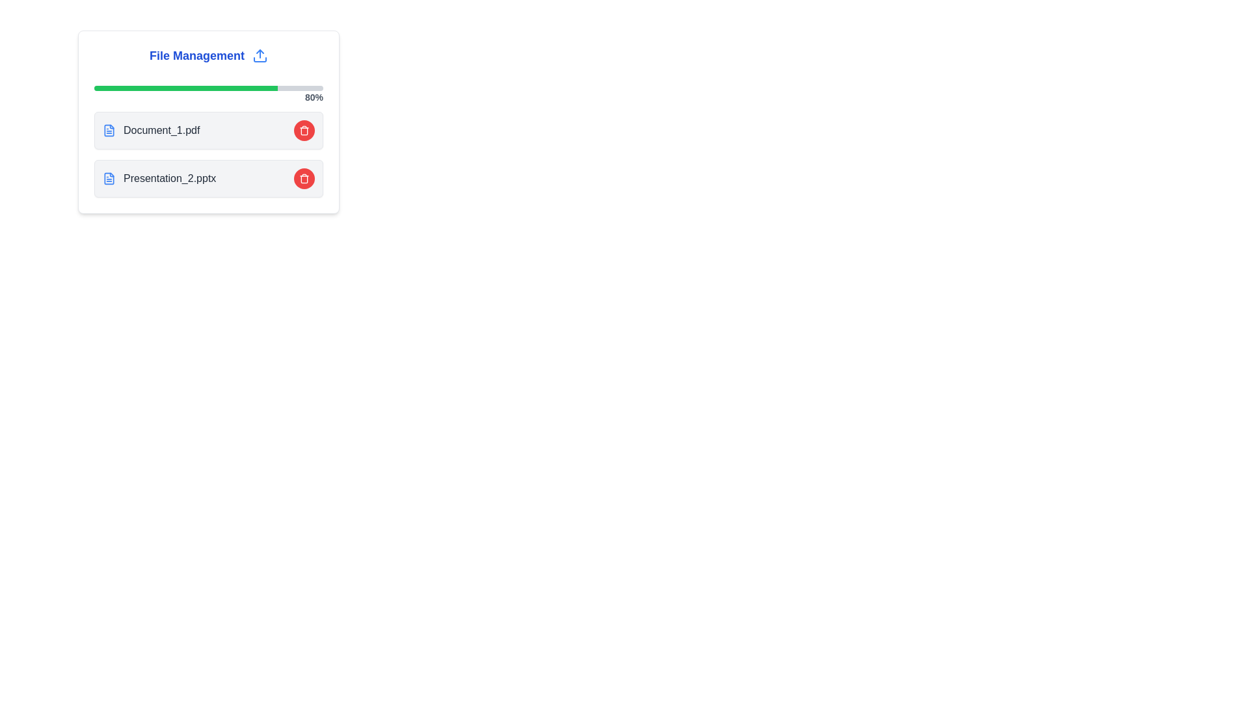  Describe the element at coordinates (303, 178) in the screenshot. I see `the delete button located at the far-right end of the row containing the text 'Presentation_2.pptx'` at that location.